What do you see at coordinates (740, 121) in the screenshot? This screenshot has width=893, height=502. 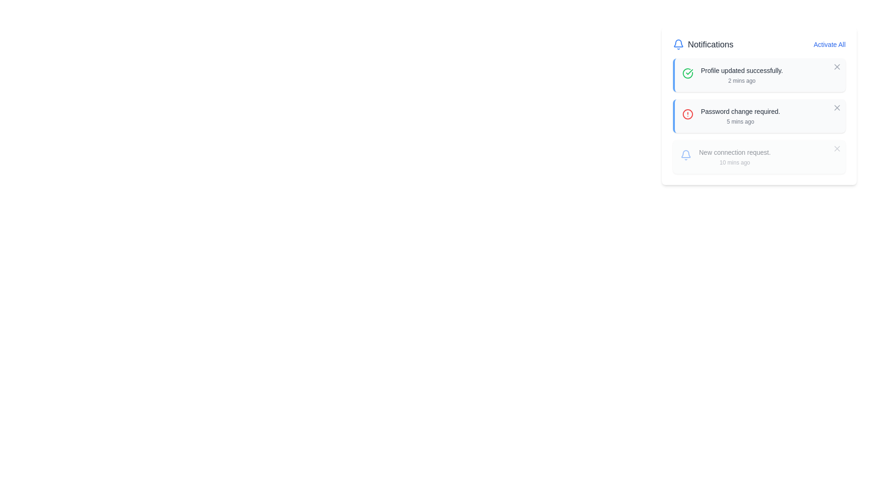 I see `the text label displaying '5 mins ago', which is positioned below the notification titled 'Password change required'` at bounding box center [740, 121].